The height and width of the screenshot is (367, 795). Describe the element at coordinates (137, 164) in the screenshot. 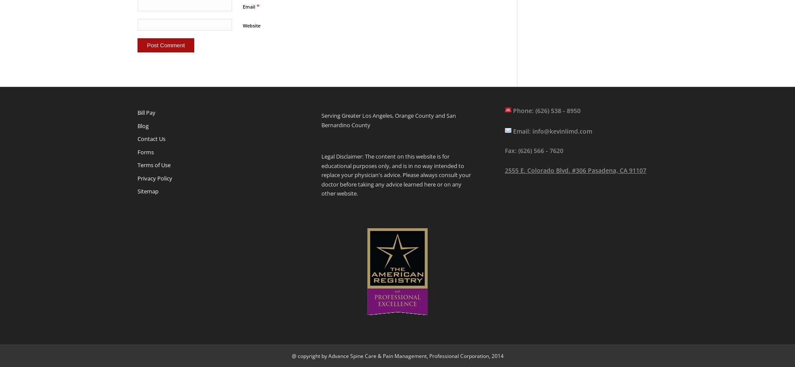

I see `'Terms of Use'` at that location.